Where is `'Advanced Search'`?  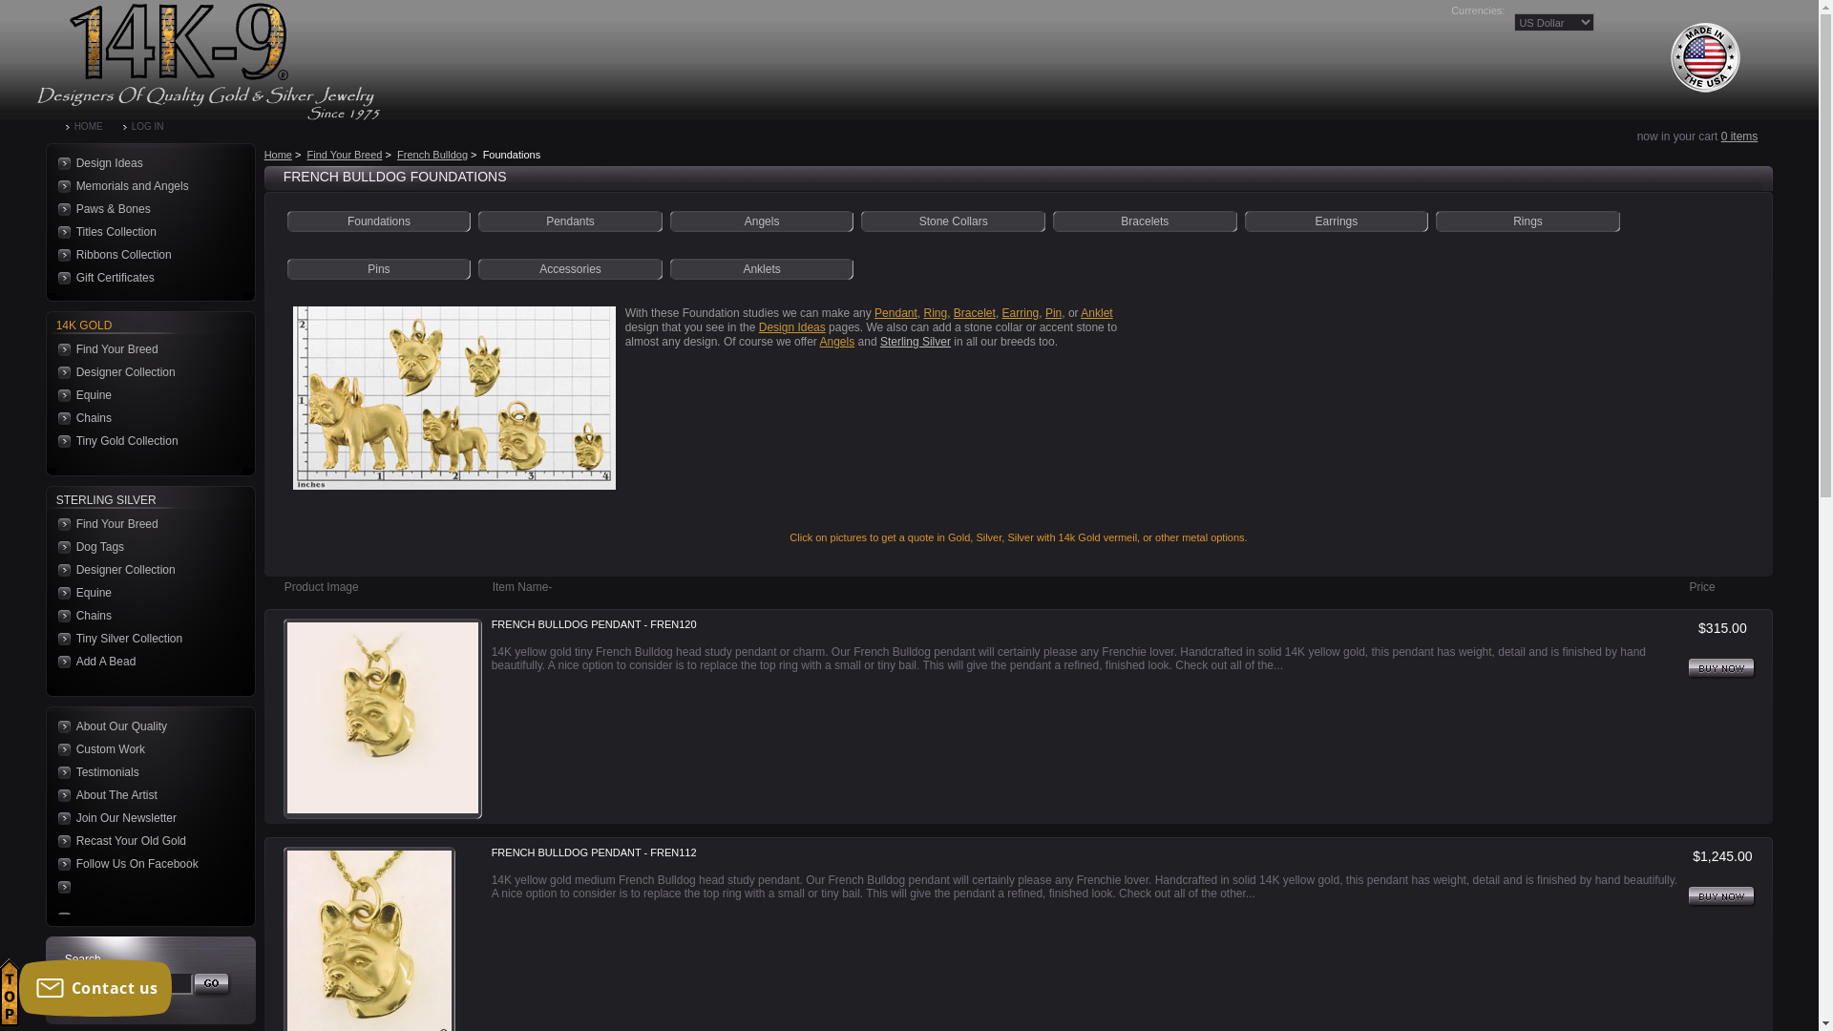 'Advanced Search' is located at coordinates (105, 1008).